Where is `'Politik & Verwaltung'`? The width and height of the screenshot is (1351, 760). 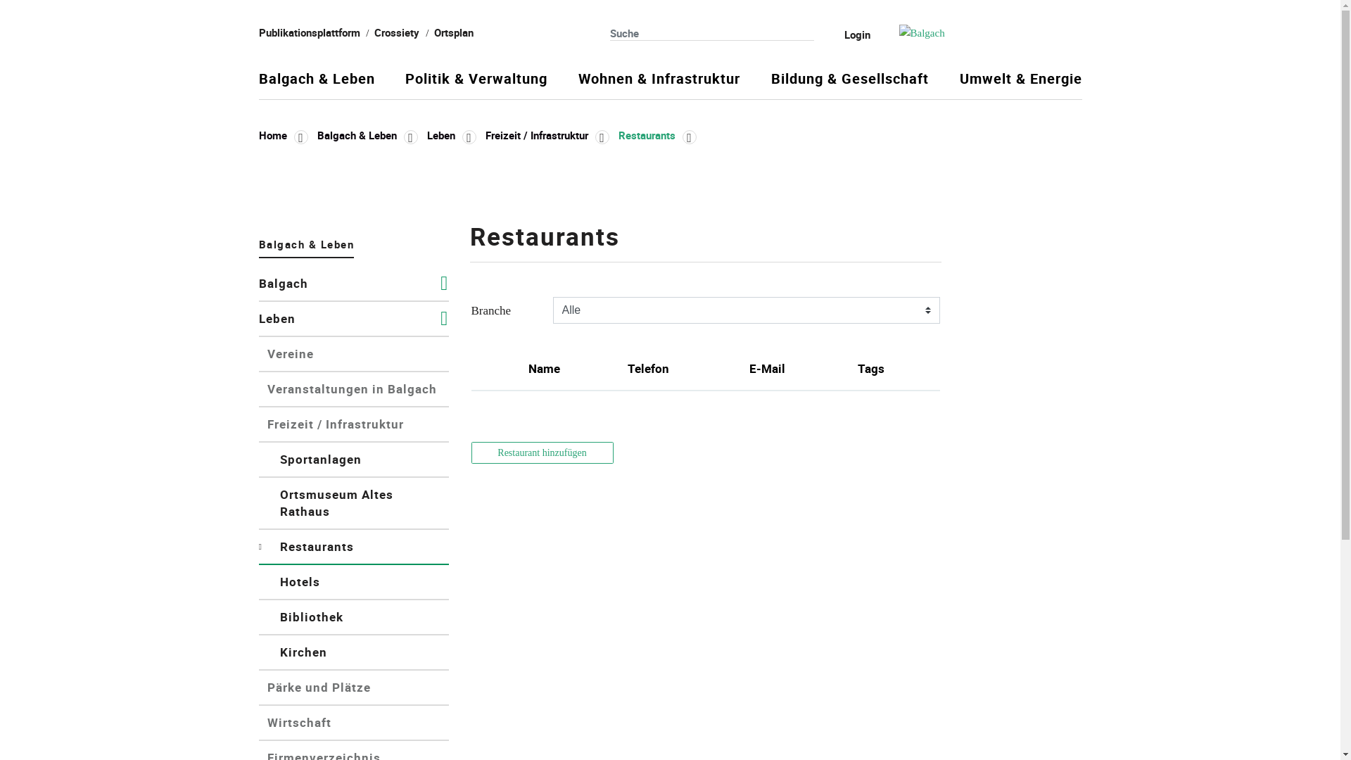
'Politik & Verwaltung' is located at coordinates (476, 84).